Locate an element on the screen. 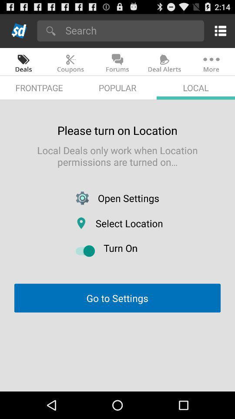 The image size is (235, 419). the app at the bottom is located at coordinates (117, 298).